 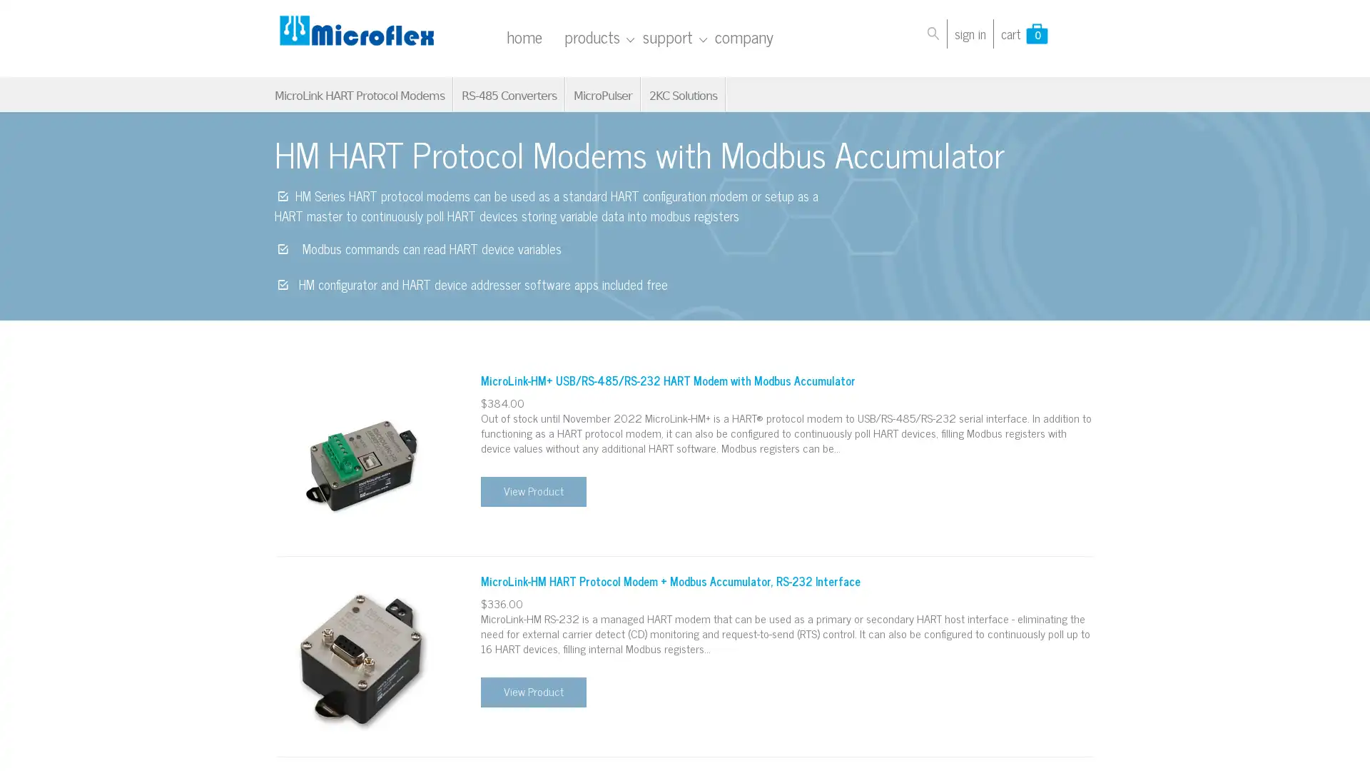 I want to click on View Product, so click(x=533, y=691).